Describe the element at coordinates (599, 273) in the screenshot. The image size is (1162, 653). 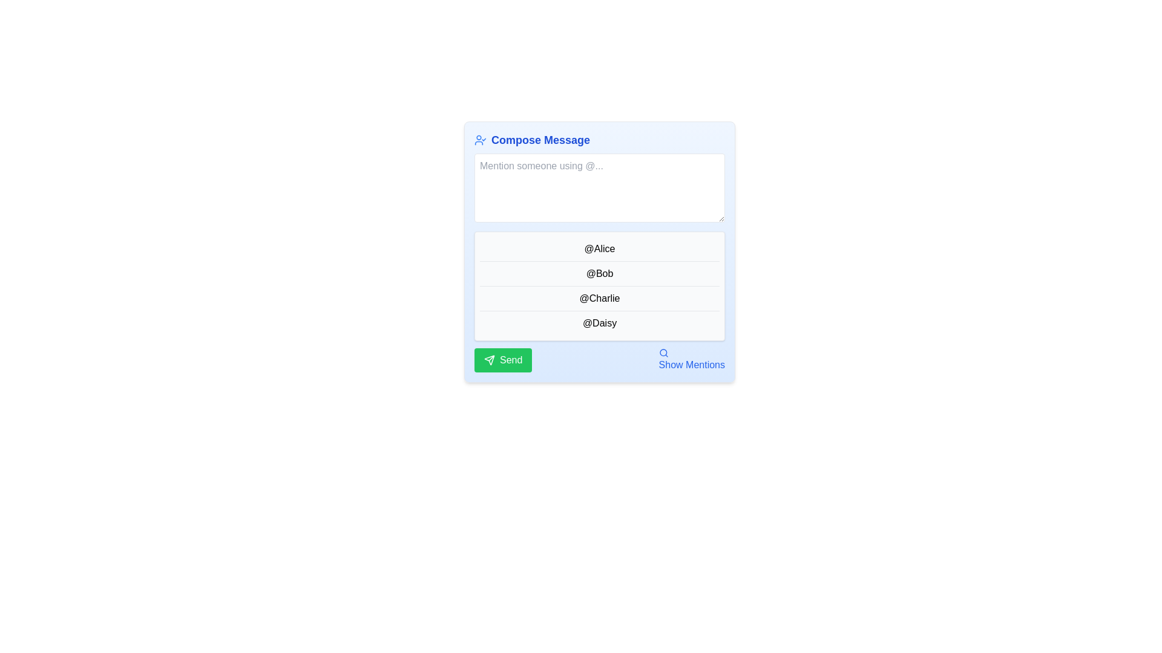
I see `the selectable user mention '@Bob', which is the second item in the list under the message-composition interface` at that location.